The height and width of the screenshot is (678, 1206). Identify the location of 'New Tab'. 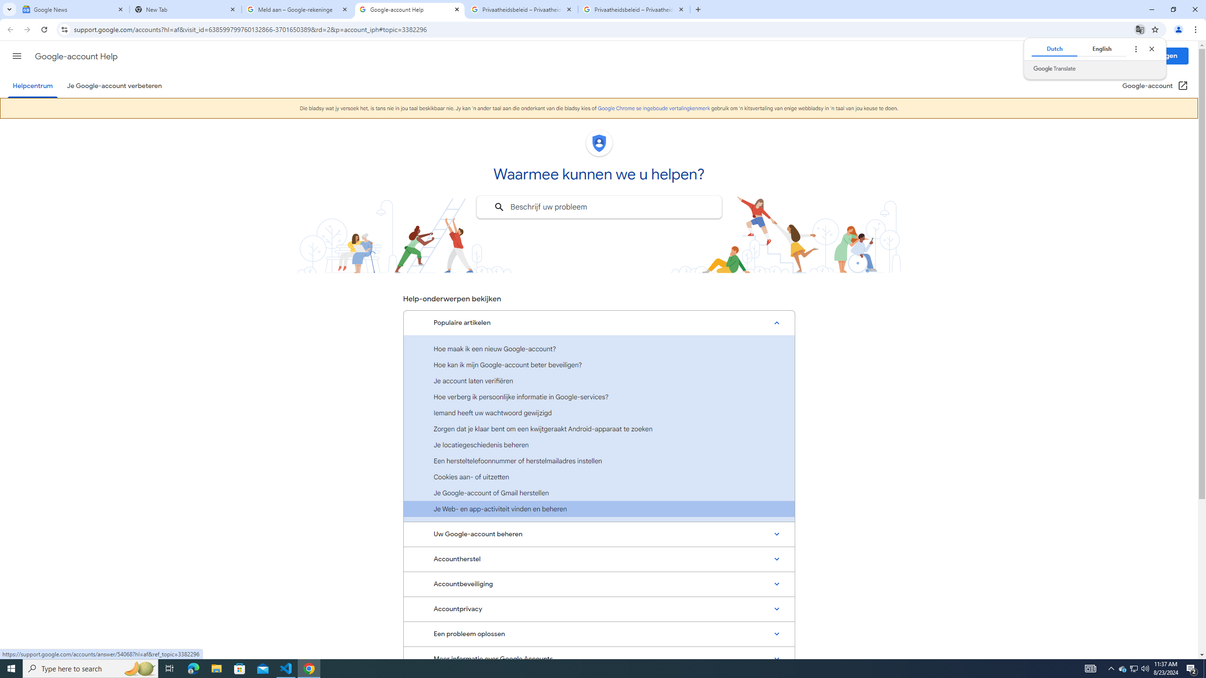
(186, 9).